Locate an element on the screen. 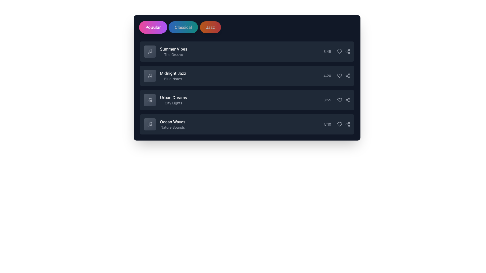  the text label displaying 'Nature Sounds', which is styled in gray and positioned beneath 'Ocean Waves' in a list of audio tracks is located at coordinates (173, 127).